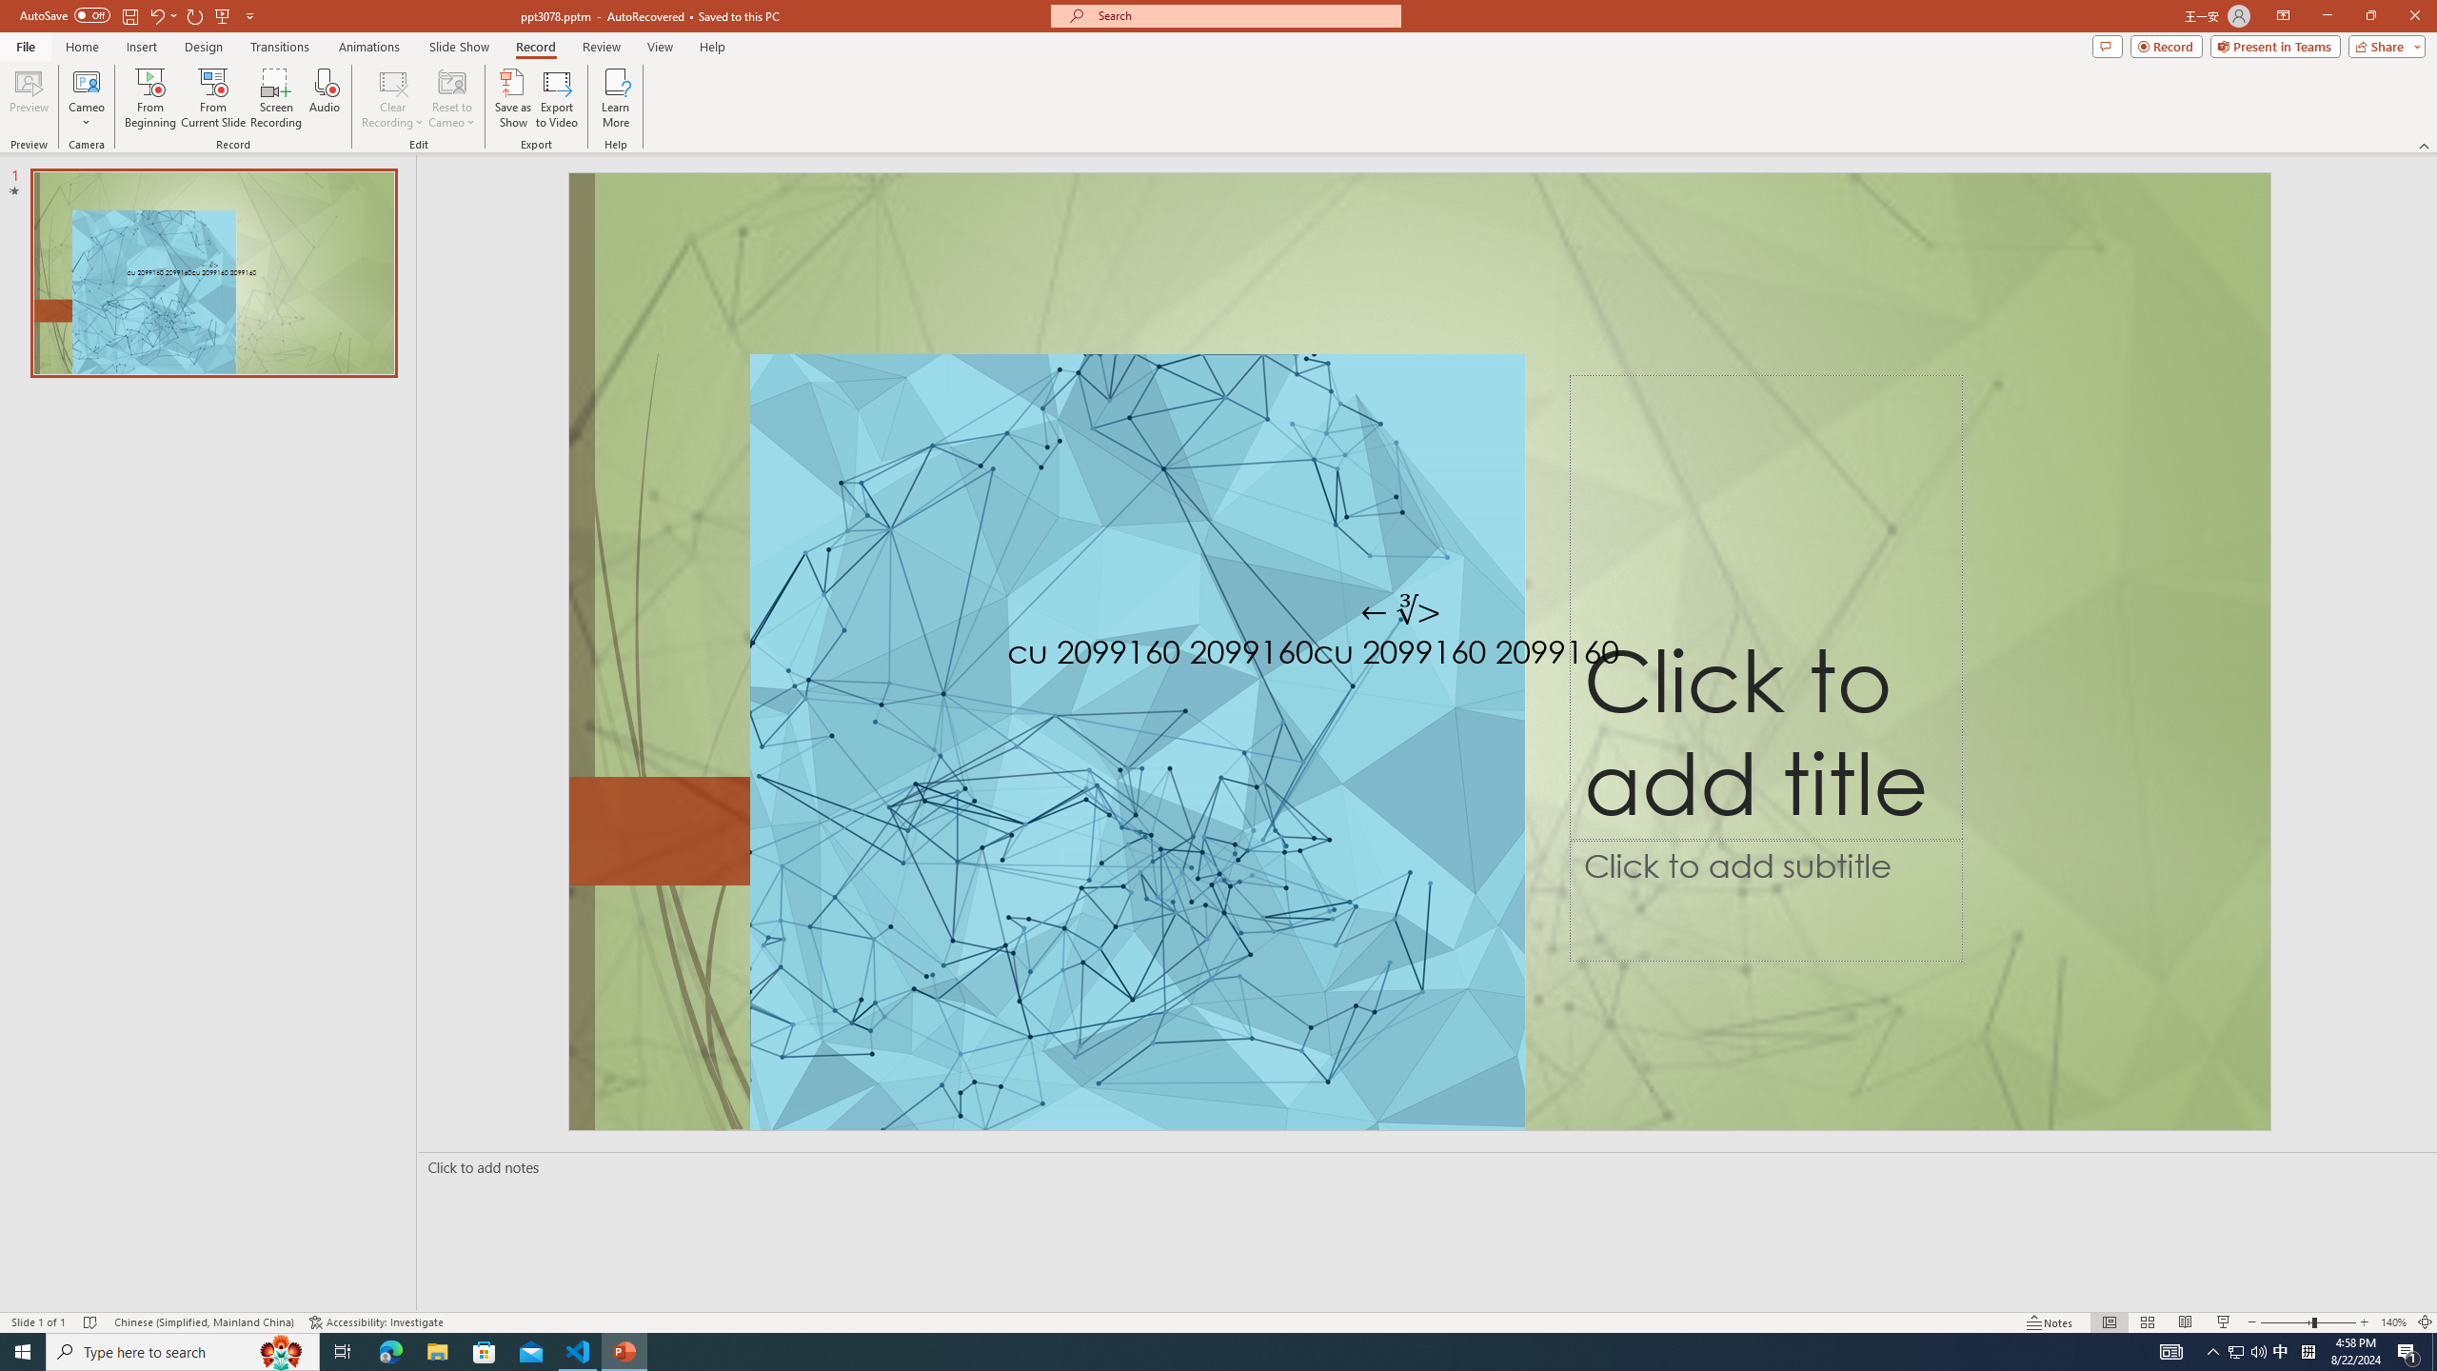 This screenshot has width=2437, height=1371. Describe the element at coordinates (2394, 1322) in the screenshot. I see `'Zoom 140%'` at that location.